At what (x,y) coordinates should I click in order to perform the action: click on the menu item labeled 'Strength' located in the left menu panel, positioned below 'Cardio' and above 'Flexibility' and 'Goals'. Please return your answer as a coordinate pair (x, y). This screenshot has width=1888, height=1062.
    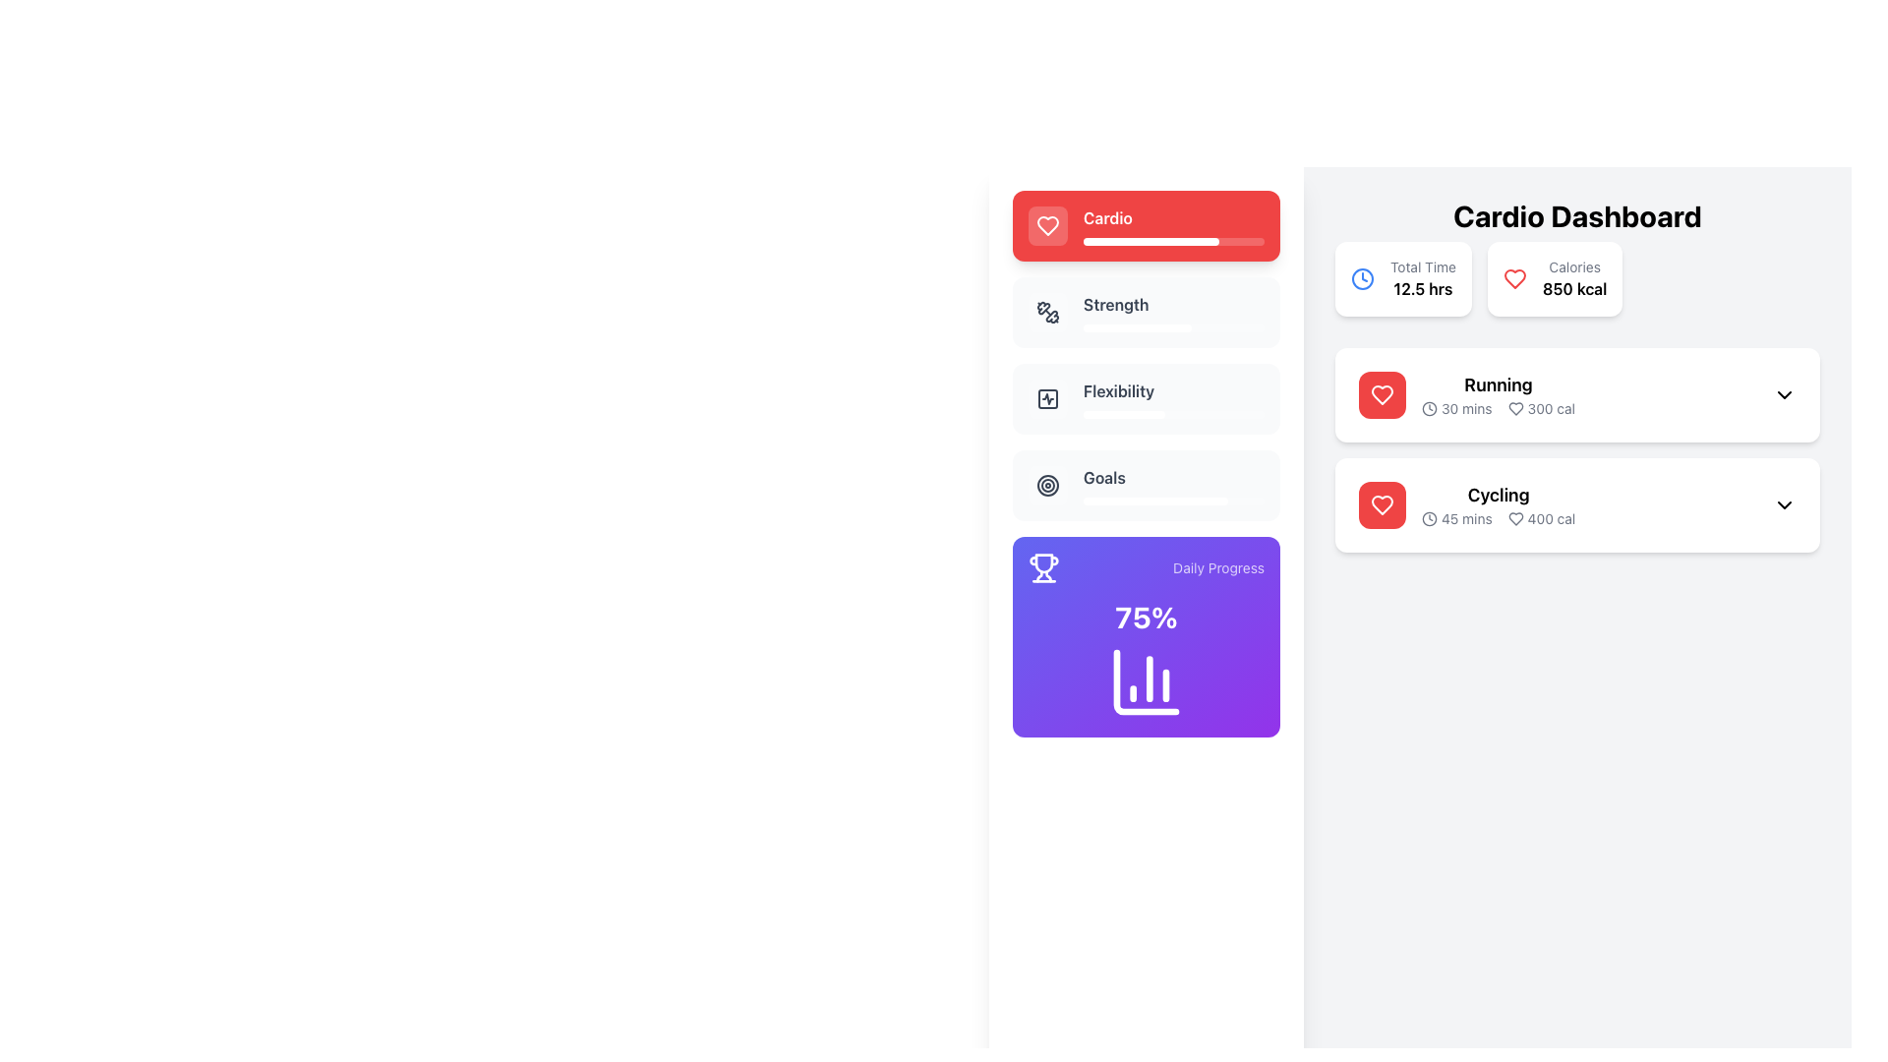
    Looking at the image, I should click on (1147, 311).